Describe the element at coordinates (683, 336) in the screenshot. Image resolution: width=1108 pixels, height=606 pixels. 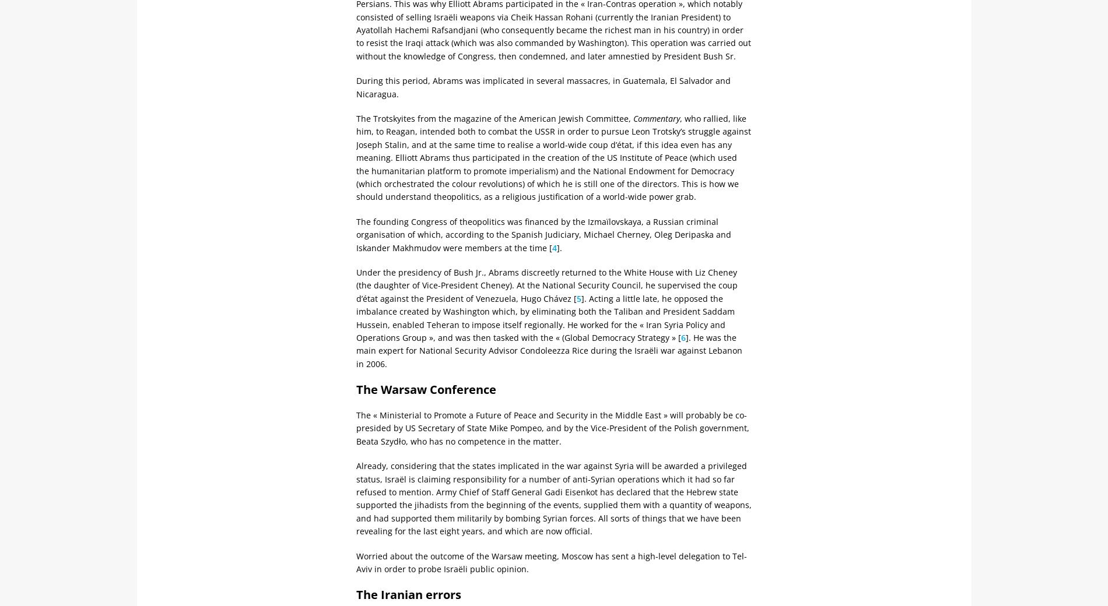
I see `'6'` at that location.